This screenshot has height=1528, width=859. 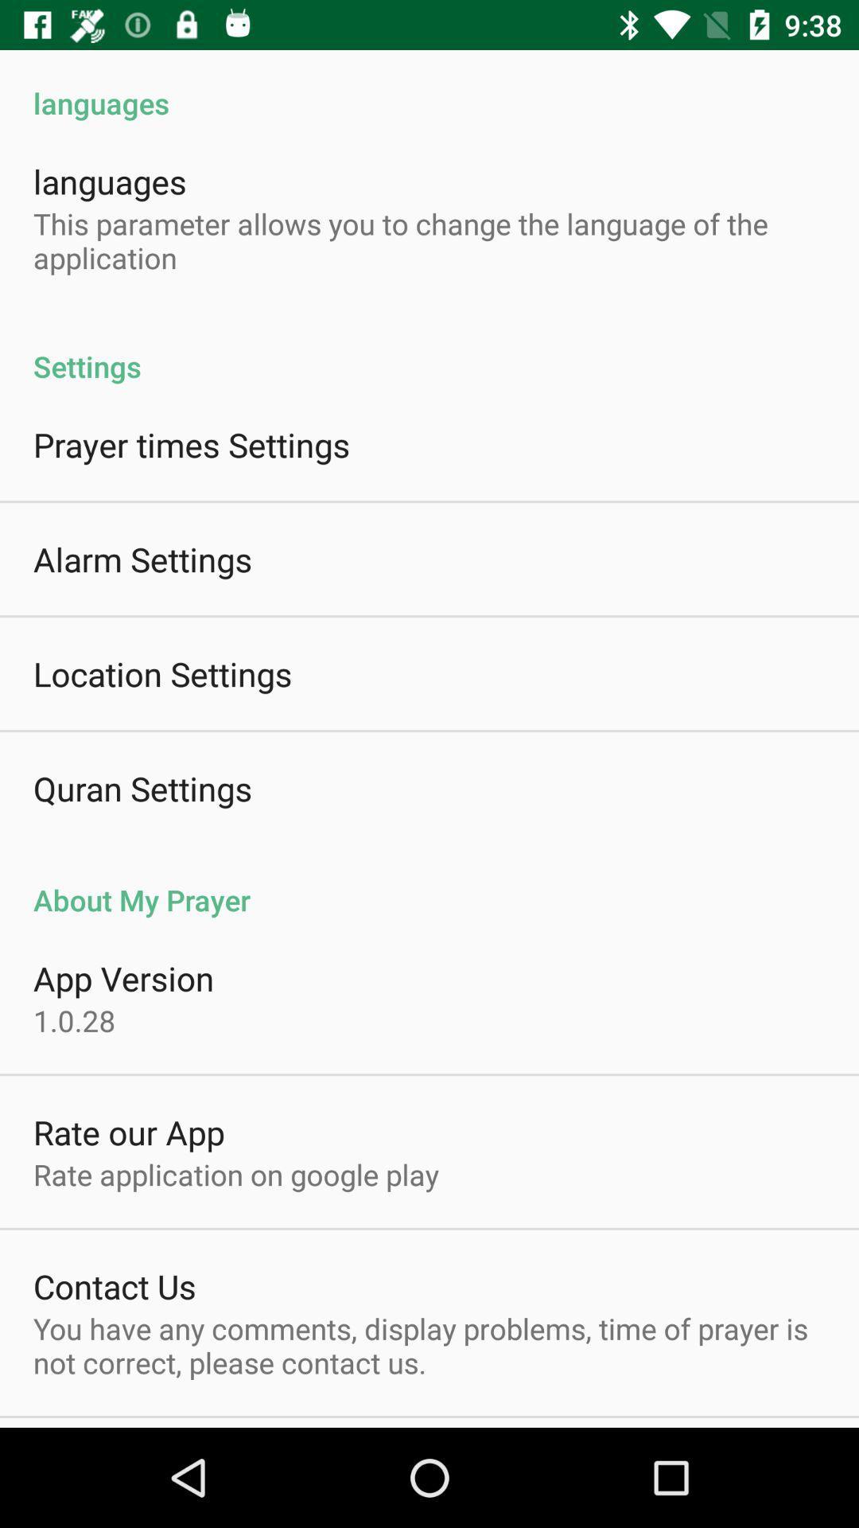 What do you see at coordinates (74, 1020) in the screenshot?
I see `app below the app version item` at bounding box center [74, 1020].